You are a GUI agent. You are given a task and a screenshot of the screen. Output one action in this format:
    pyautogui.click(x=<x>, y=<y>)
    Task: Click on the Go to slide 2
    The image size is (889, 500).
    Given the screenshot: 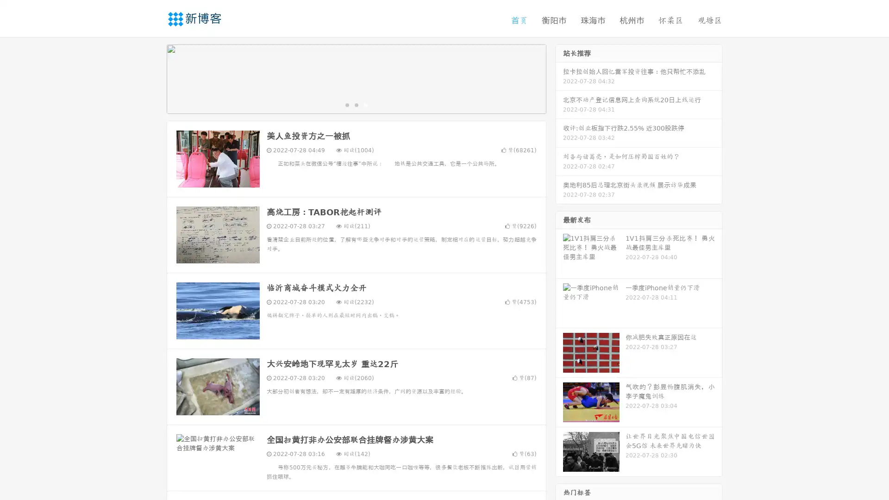 What is the action you would take?
    pyautogui.click(x=356, y=104)
    